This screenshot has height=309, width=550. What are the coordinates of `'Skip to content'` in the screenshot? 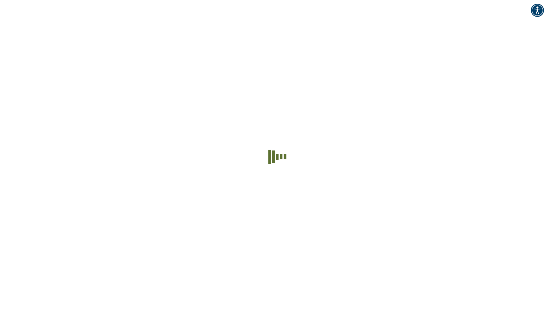 It's located at (2, 5).